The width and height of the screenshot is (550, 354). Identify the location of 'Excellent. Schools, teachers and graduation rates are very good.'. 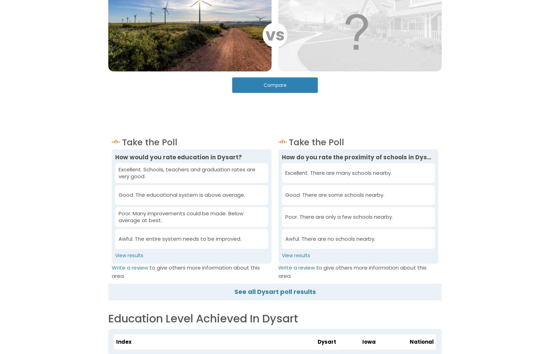
(187, 173).